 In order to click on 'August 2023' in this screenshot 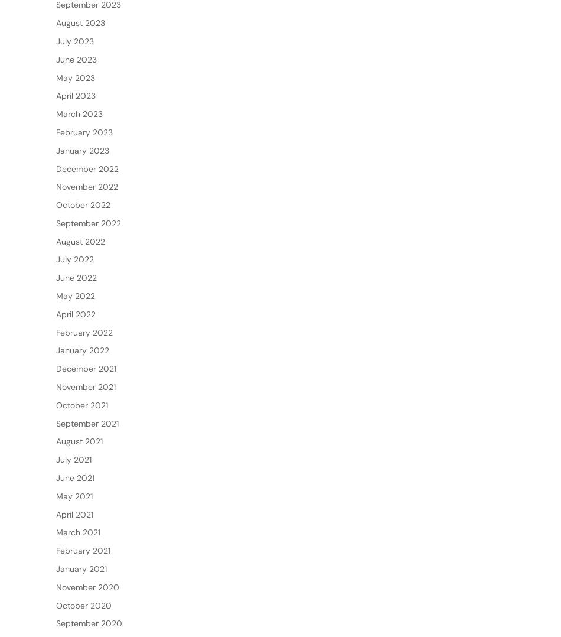, I will do `click(80, 60)`.